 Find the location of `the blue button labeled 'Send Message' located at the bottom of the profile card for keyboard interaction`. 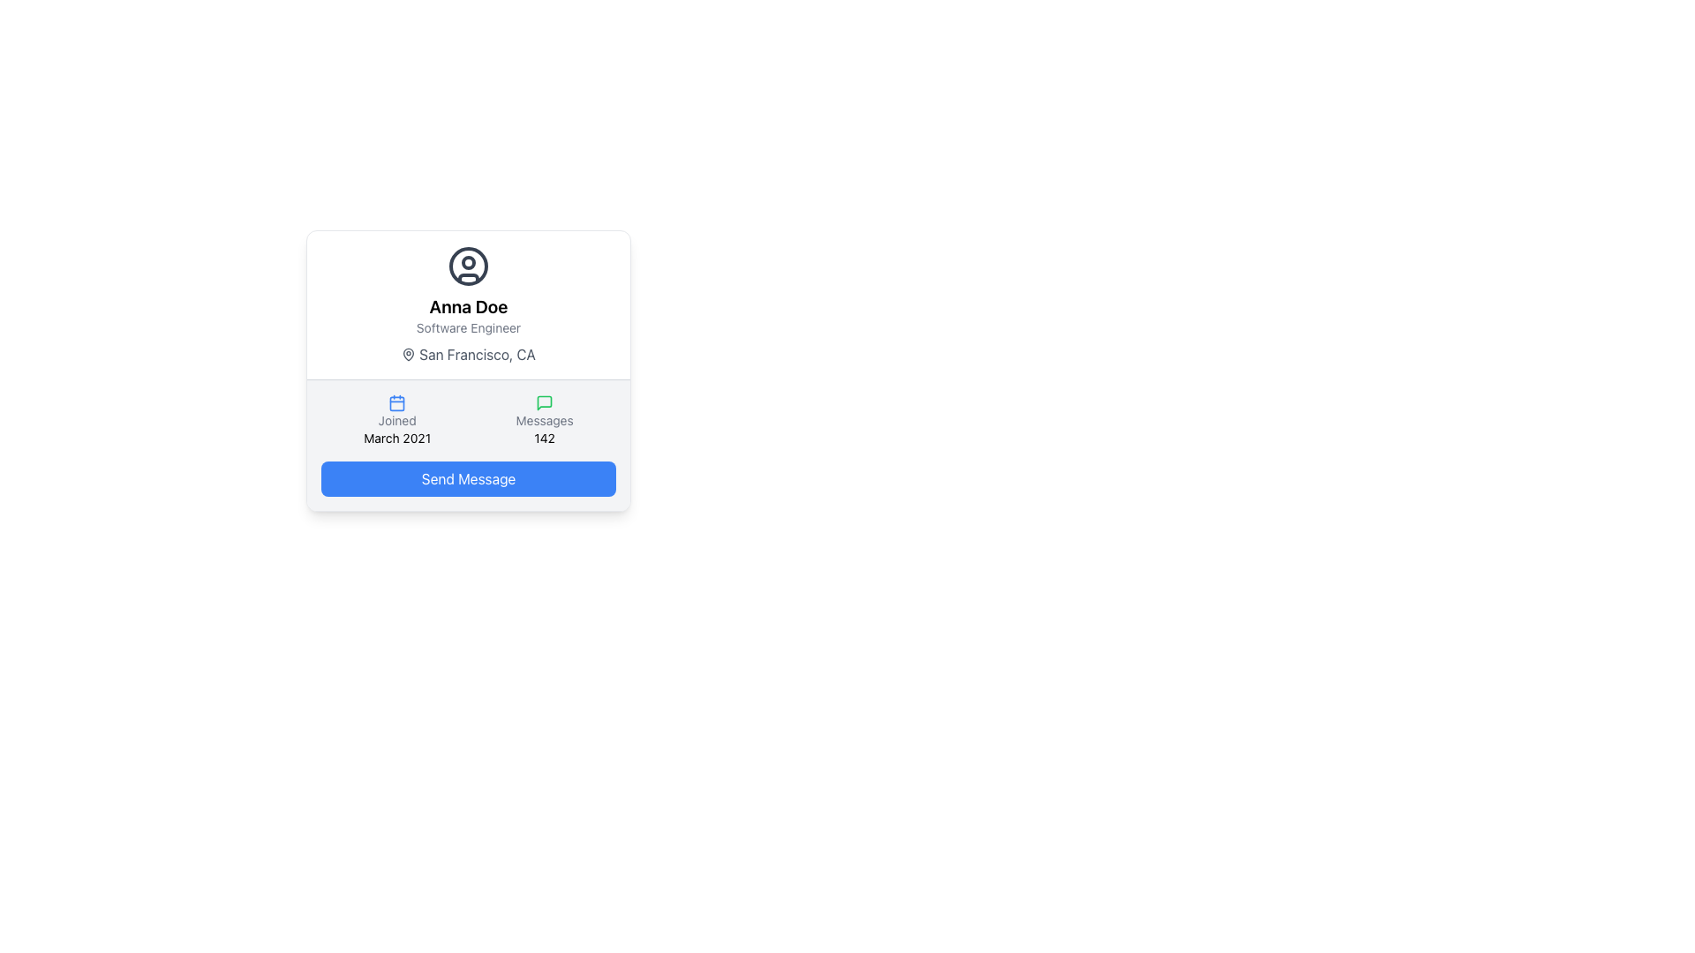

the blue button labeled 'Send Message' located at the bottom of the profile card for keyboard interaction is located at coordinates (469, 479).